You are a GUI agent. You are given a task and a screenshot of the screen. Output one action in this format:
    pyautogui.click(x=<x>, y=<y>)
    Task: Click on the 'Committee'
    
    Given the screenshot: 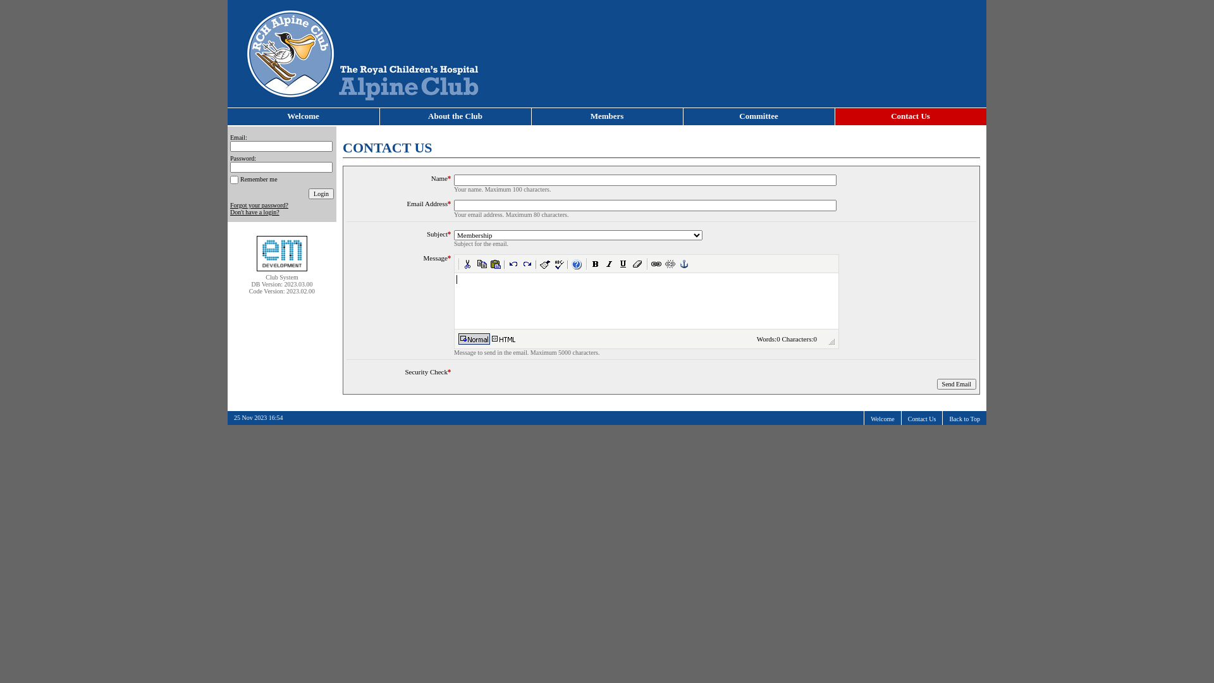 What is the action you would take?
    pyautogui.click(x=759, y=116)
    